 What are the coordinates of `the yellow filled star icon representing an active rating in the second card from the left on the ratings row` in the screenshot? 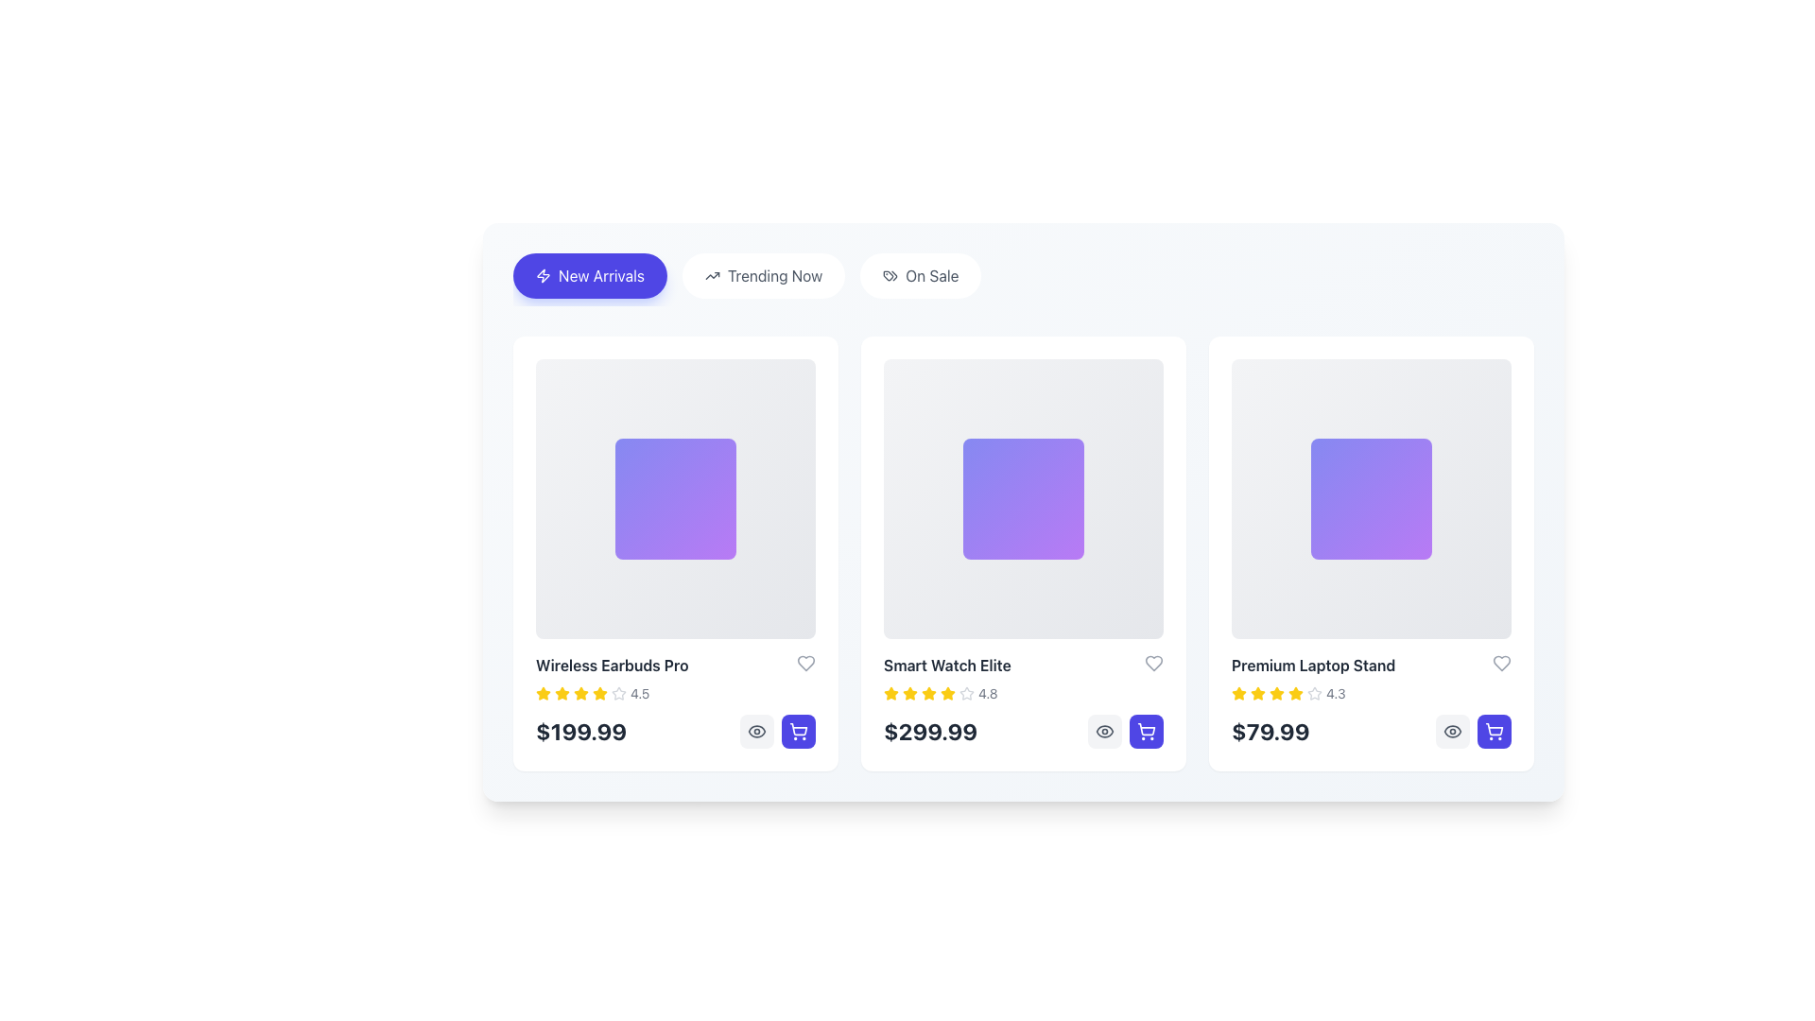 It's located at (890, 693).